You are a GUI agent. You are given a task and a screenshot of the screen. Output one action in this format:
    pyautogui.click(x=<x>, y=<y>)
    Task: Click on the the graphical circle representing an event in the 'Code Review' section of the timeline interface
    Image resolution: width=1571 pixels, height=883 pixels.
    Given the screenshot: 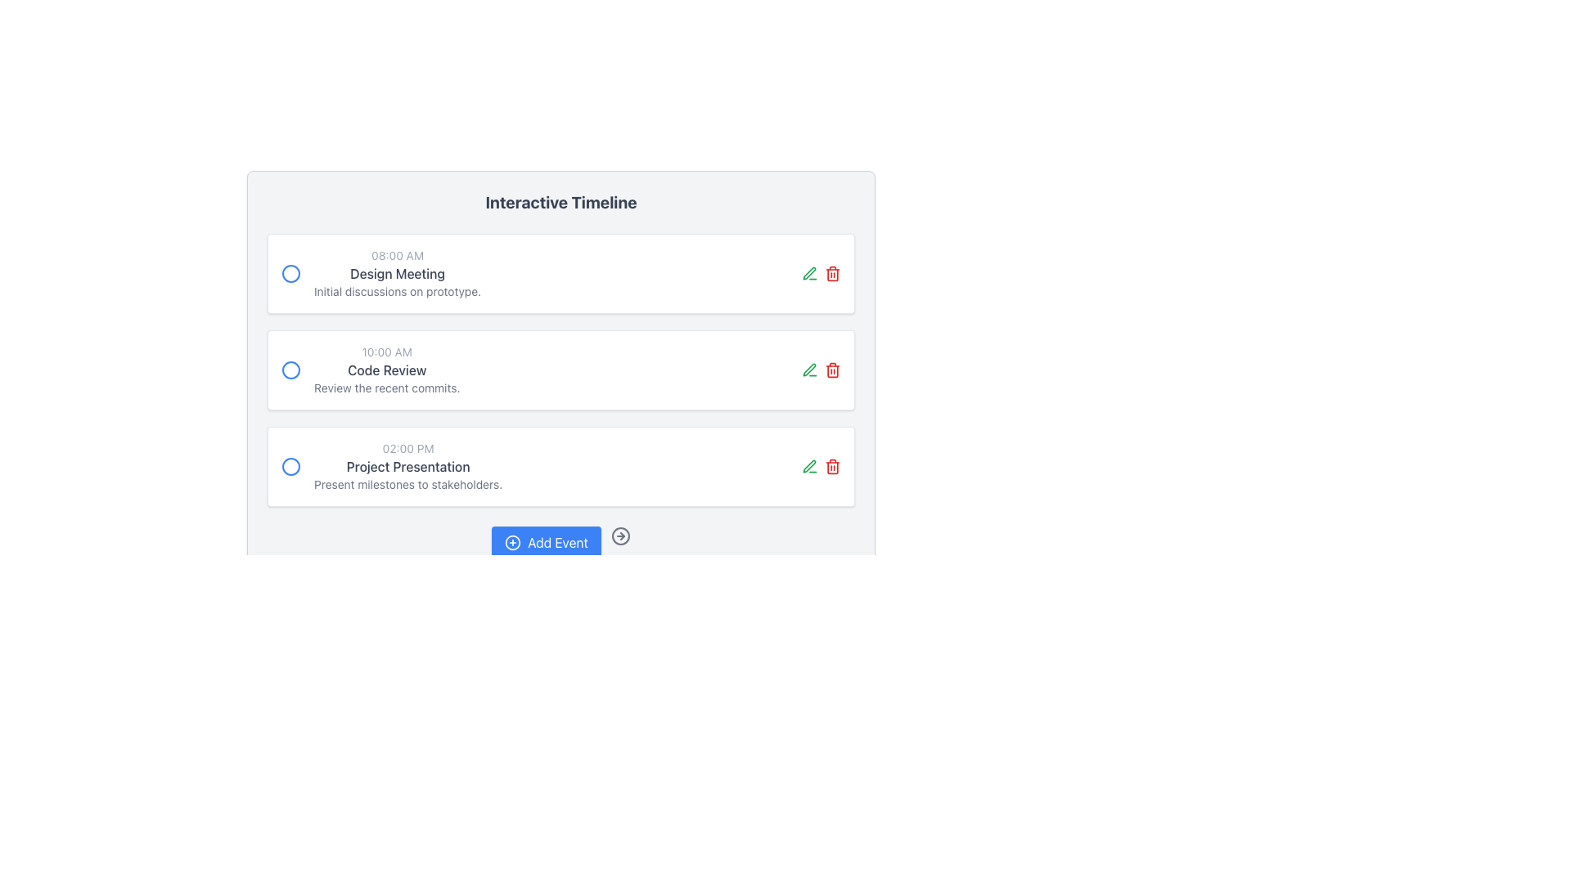 What is the action you would take?
    pyautogui.click(x=290, y=370)
    